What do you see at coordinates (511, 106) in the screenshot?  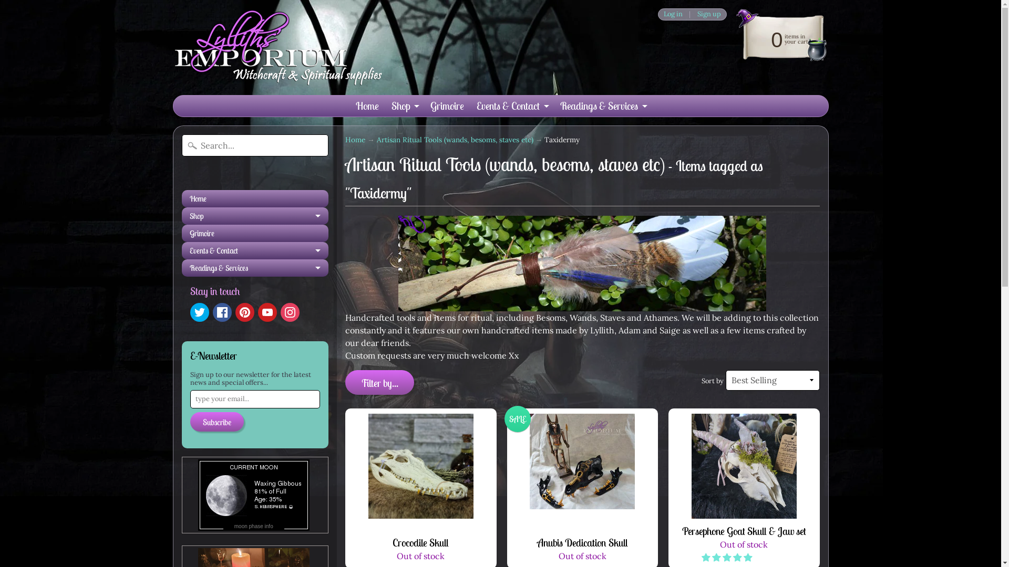 I see `'Events & Contact'` at bounding box center [511, 106].